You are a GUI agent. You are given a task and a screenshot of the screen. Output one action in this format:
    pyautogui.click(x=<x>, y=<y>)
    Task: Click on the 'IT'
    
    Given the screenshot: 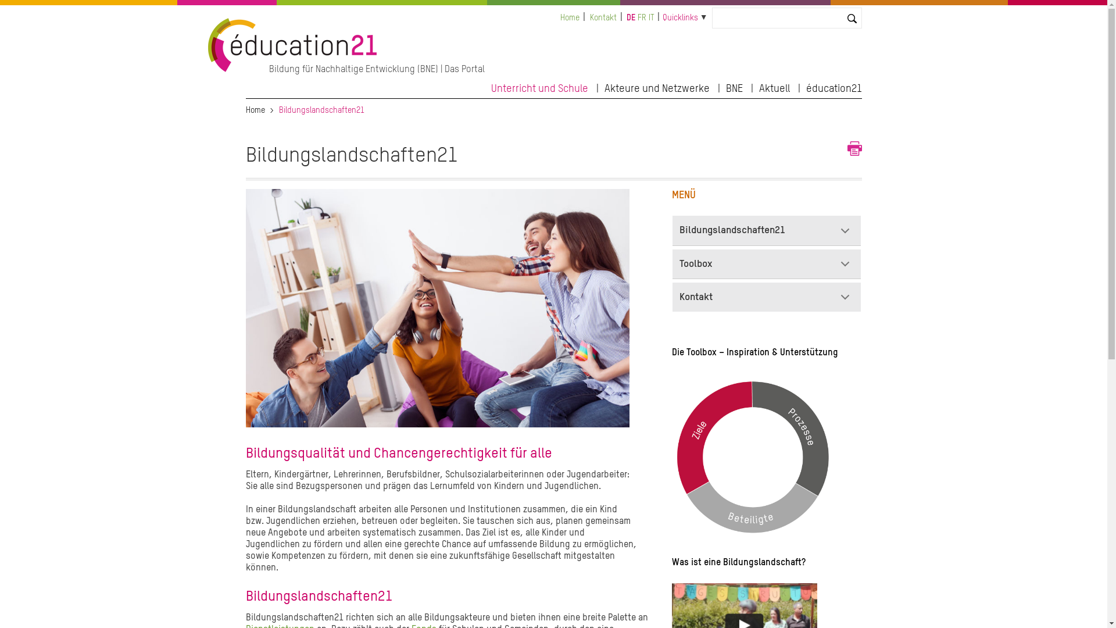 What is the action you would take?
    pyautogui.click(x=652, y=17)
    